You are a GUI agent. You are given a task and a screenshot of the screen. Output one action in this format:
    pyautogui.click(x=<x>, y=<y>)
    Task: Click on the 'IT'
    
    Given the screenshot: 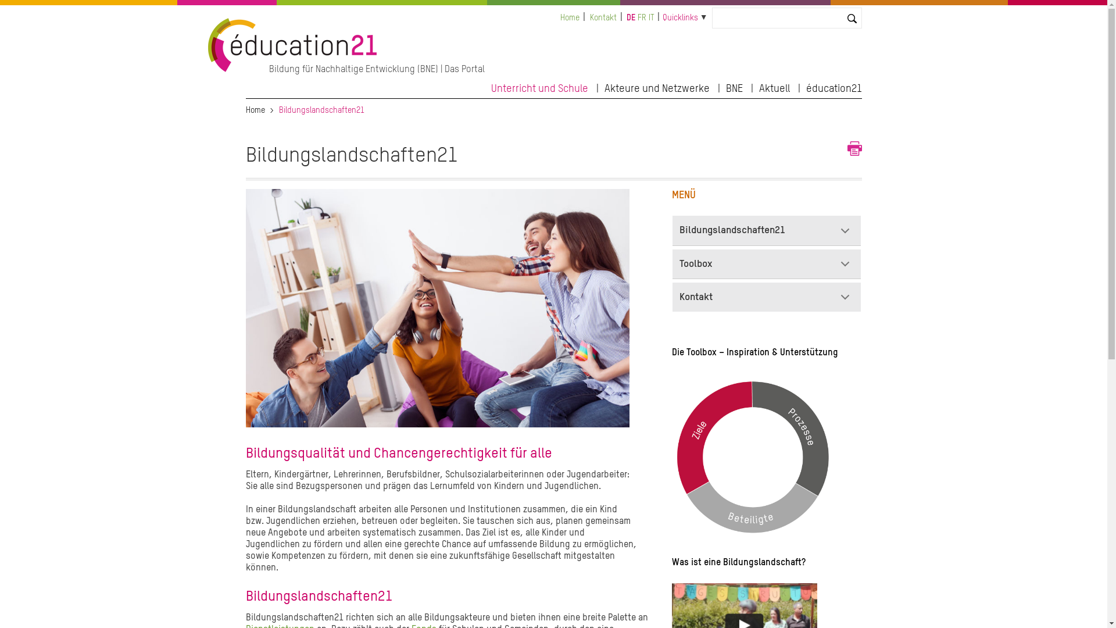 What is the action you would take?
    pyautogui.click(x=652, y=17)
    